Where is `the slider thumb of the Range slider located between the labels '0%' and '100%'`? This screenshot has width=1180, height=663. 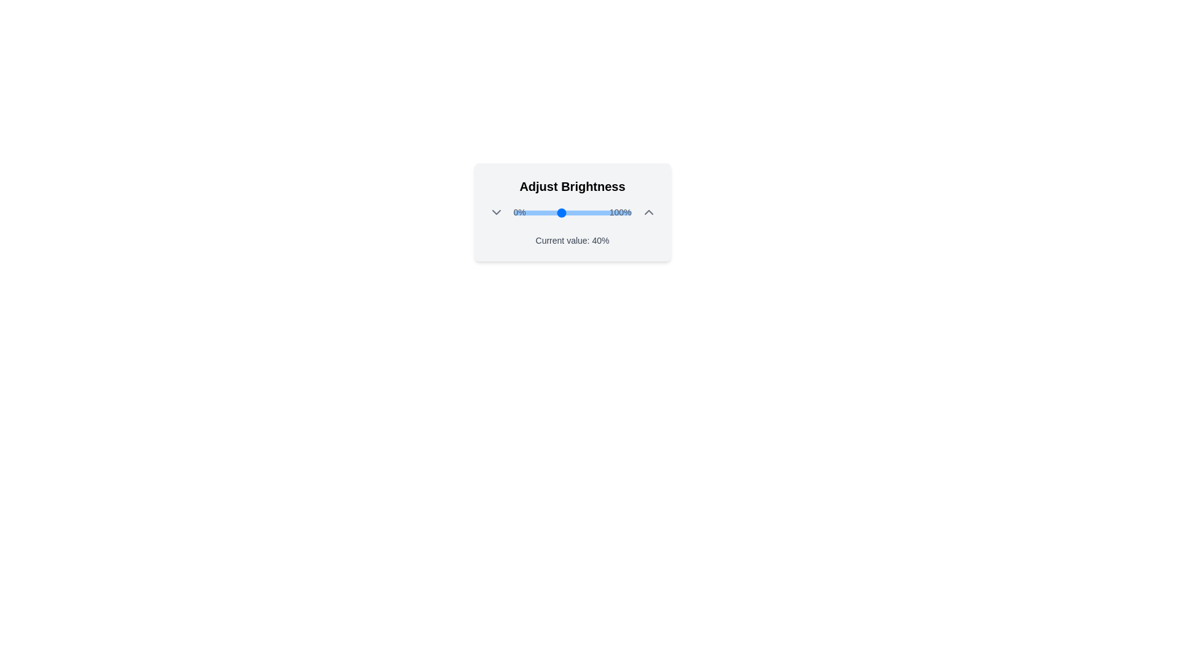
the slider thumb of the Range slider located between the labels '0%' and '100%' is located at coordinates (572, 212).